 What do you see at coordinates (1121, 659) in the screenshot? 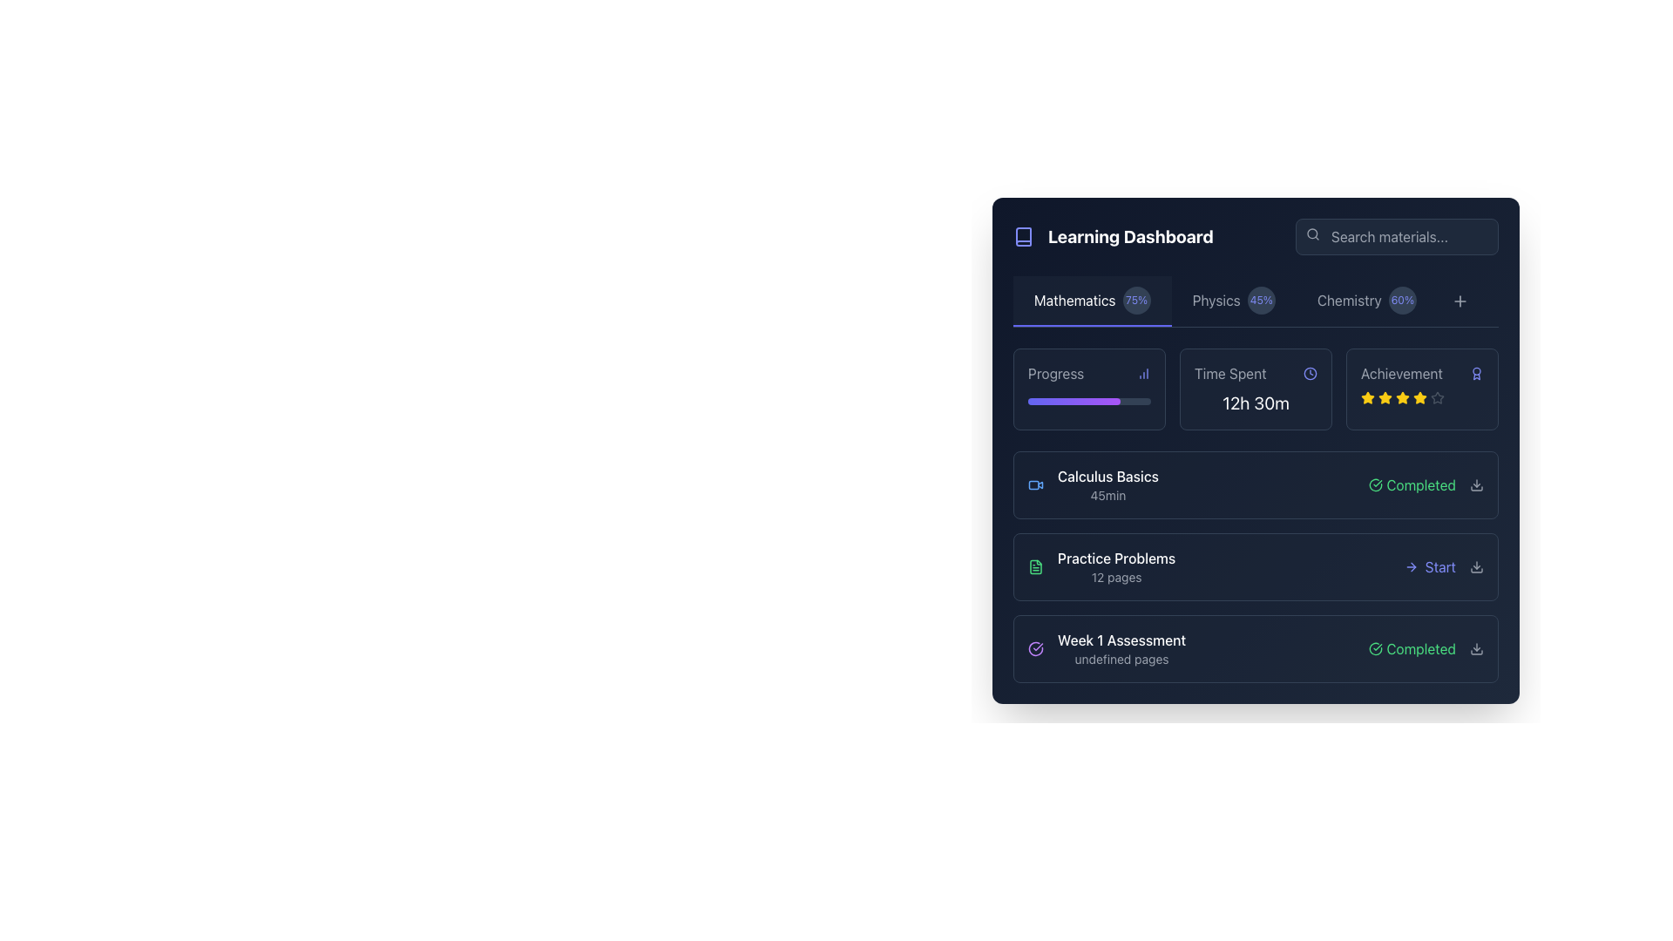
I see `information provided by the Text label positioned directly beneath the 'Week 1 Assessment' section` at bounding box center [1121, 659].